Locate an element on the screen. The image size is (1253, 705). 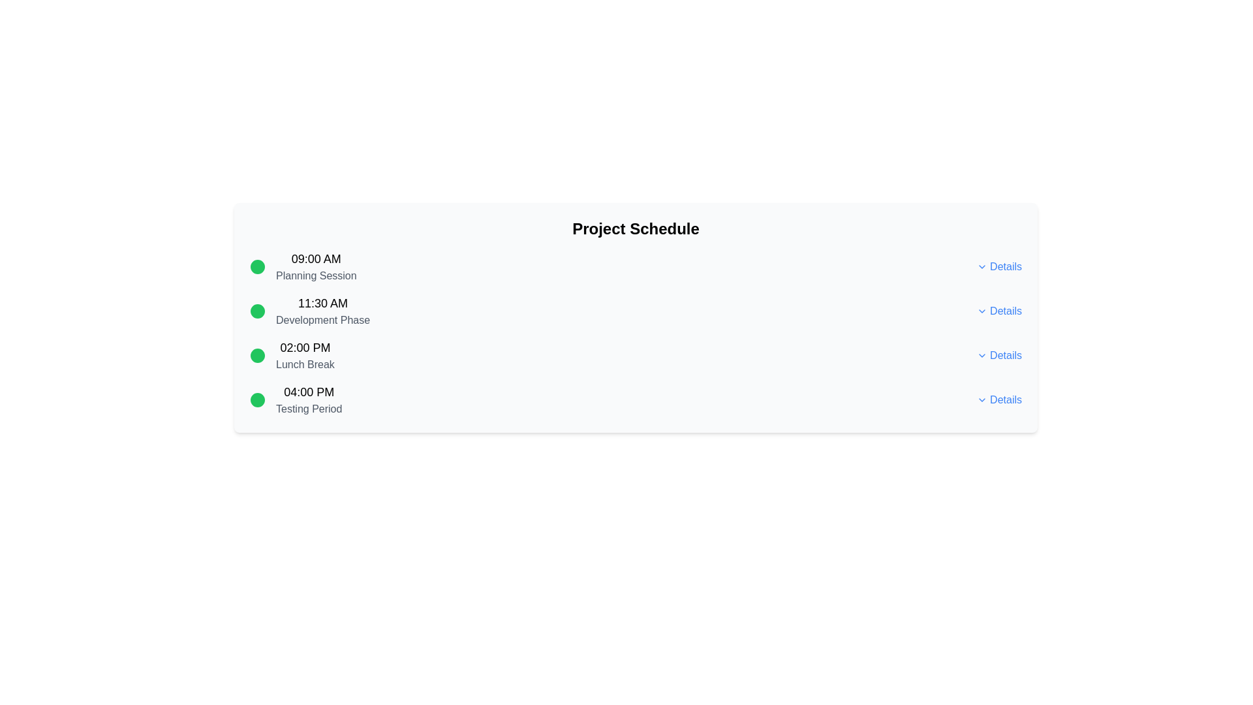
the Chevron Down icon located at the leftmost position of the group associated with the 'Details' label in the third item of the vertical list is located at coordinates (982, 355).